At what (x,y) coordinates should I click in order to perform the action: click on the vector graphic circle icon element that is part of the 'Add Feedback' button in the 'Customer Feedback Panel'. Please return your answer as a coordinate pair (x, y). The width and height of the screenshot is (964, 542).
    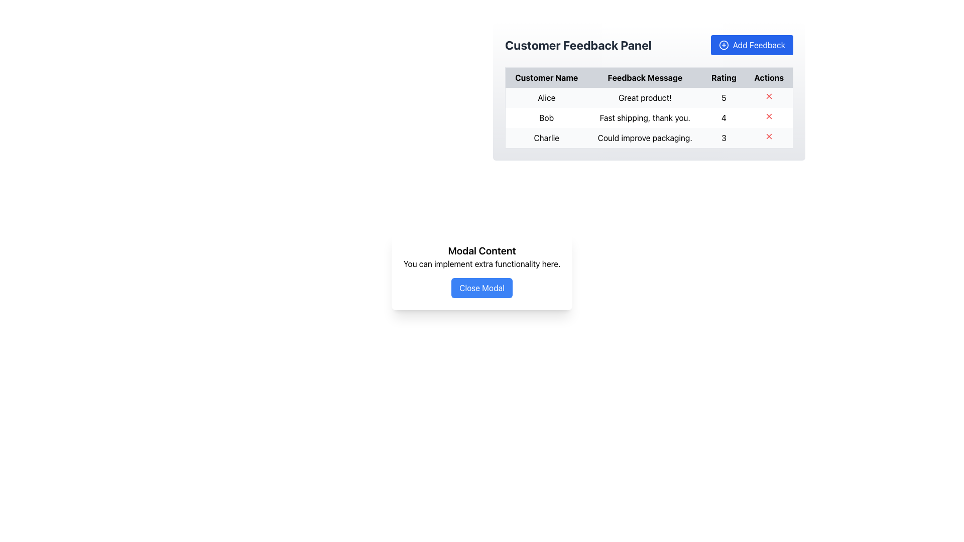
    Looking at the image, I should click on (724, 44).